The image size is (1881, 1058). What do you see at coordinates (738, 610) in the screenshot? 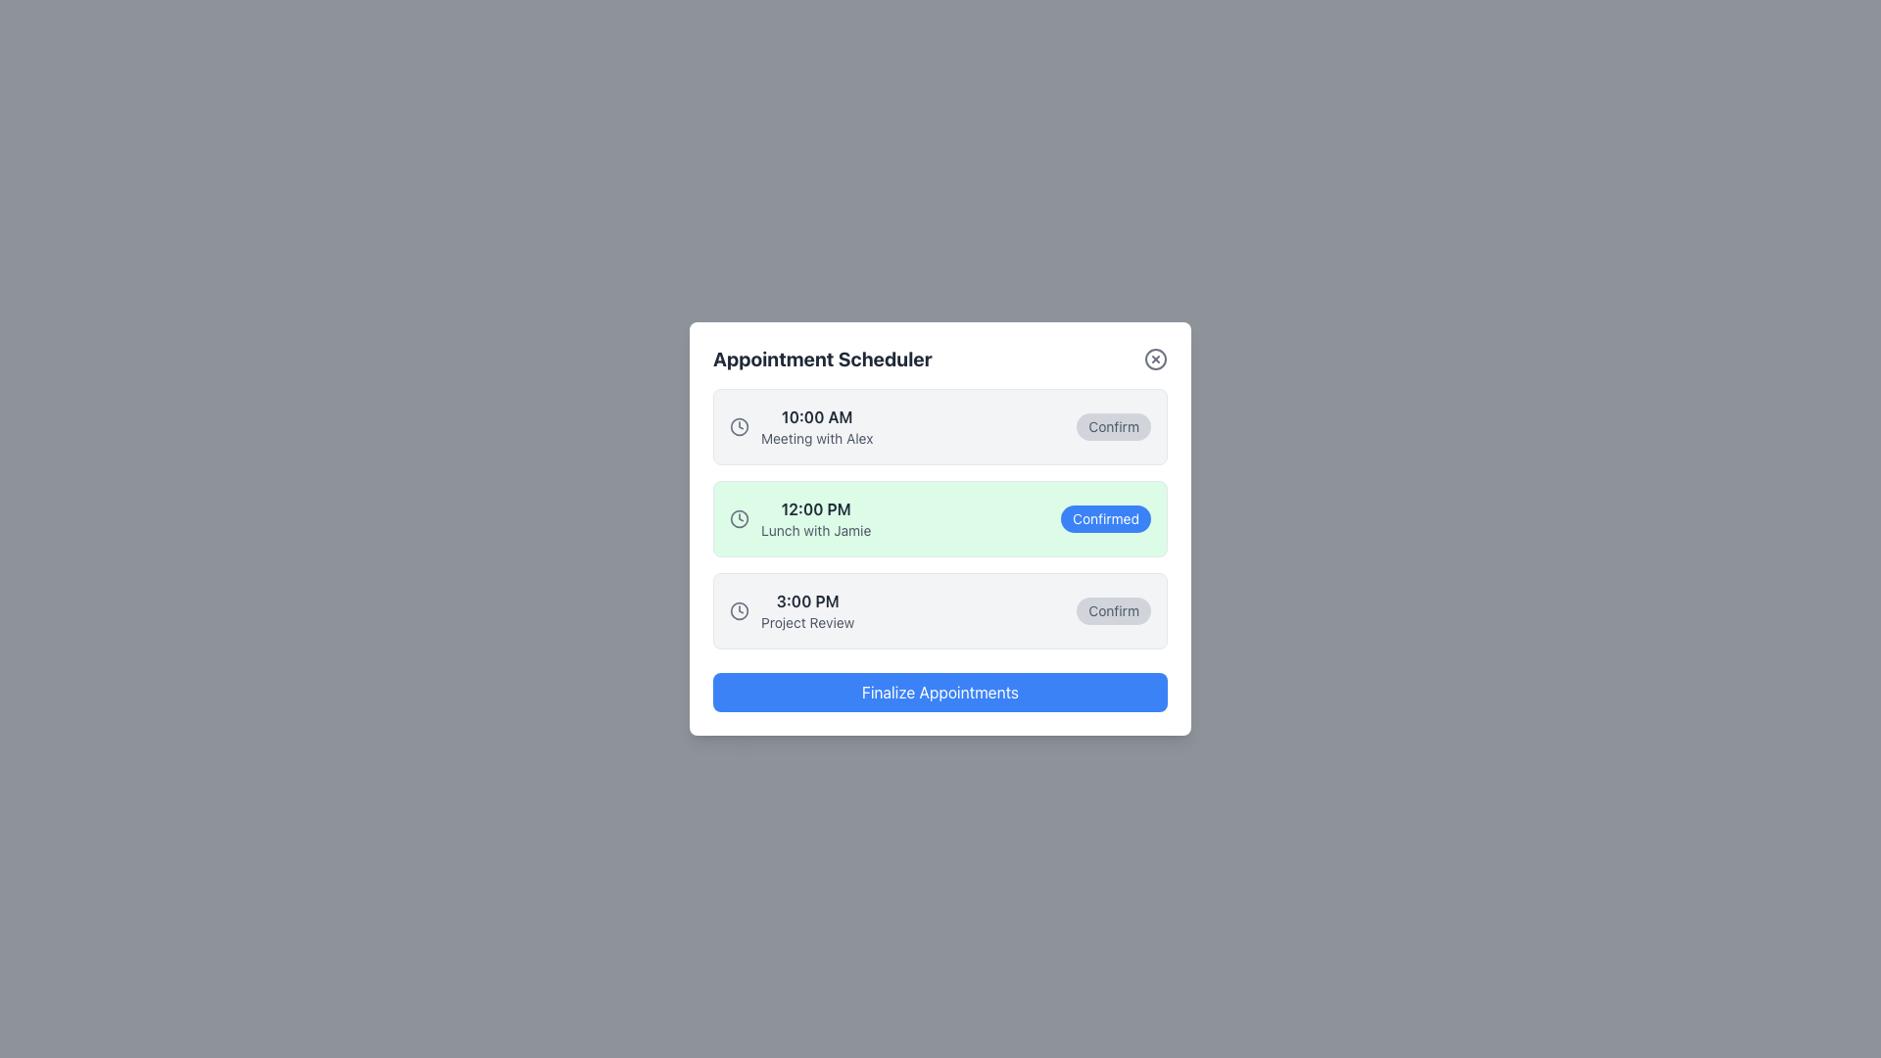
I see `the clock icon representing the time for the appointment entry '3:00 PM Project Review' in the appointment scheduler interface, located on the left side of the entry` at bounding box center [738, 610].